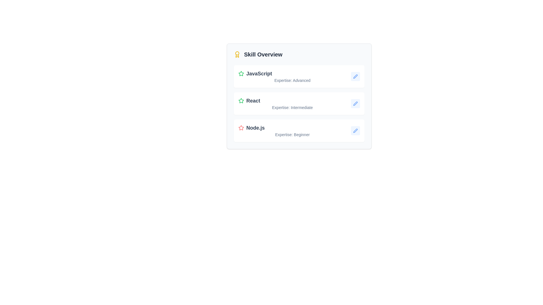 The width and height of the screenshot is (543, 305). What do you see at coordinates (237, 53) in the screenshot?
I see `the circular base of the badge-like icon that signifies achievement, located near the top-left section of the interface` at bounding box center [237, 53].